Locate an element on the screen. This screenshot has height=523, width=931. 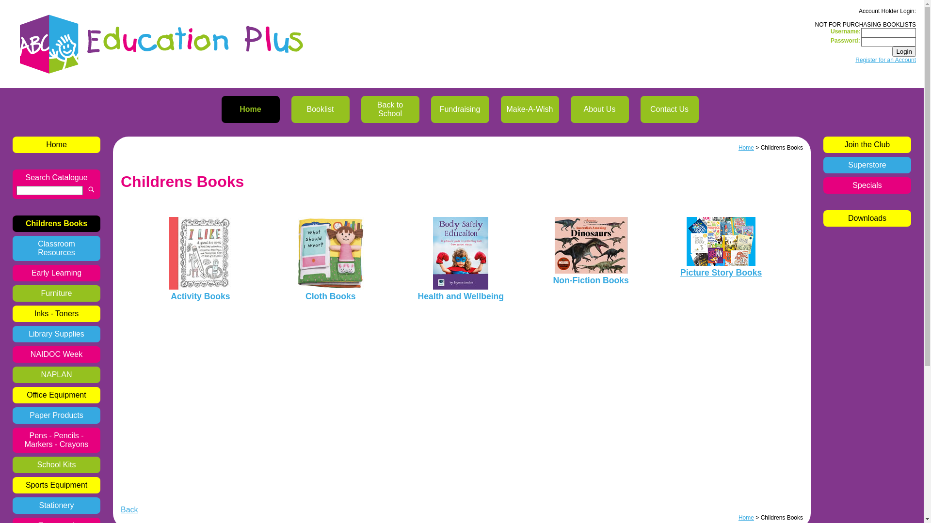
'Classroom Resources' is located at coordinates (56, 248).